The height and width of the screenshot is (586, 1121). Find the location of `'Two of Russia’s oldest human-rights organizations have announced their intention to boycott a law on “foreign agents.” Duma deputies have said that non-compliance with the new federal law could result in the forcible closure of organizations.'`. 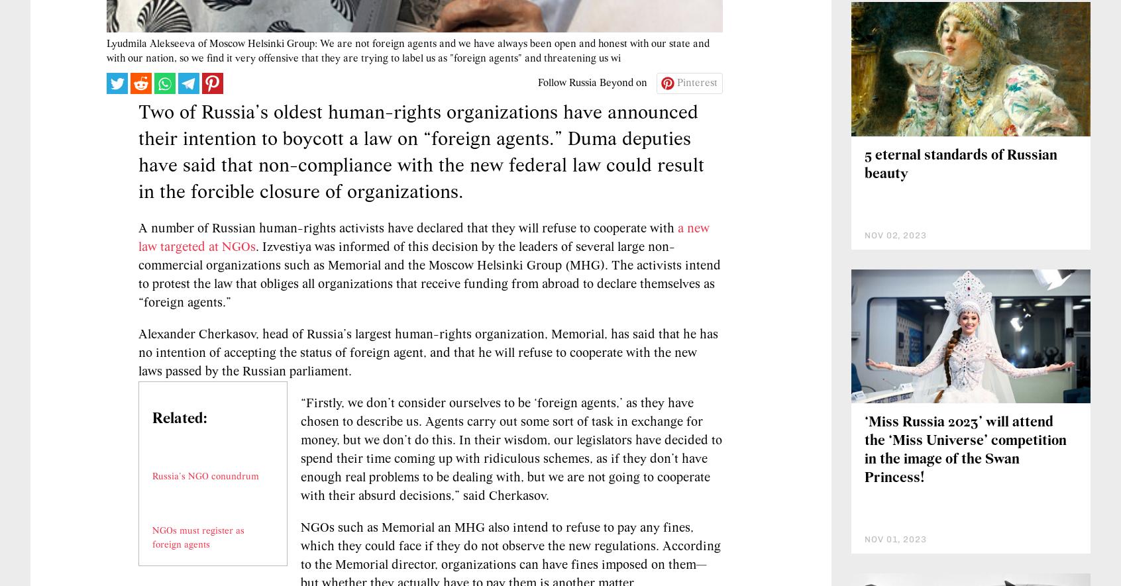

'Two of Russia’s oldest human-rights organizations have announced their intention to boycott a law on “foreign agents.” Duma deputies have said that non-compliance with the new federal law could result in the forcible closure of organizations.' is located at coordinates (137, 232).